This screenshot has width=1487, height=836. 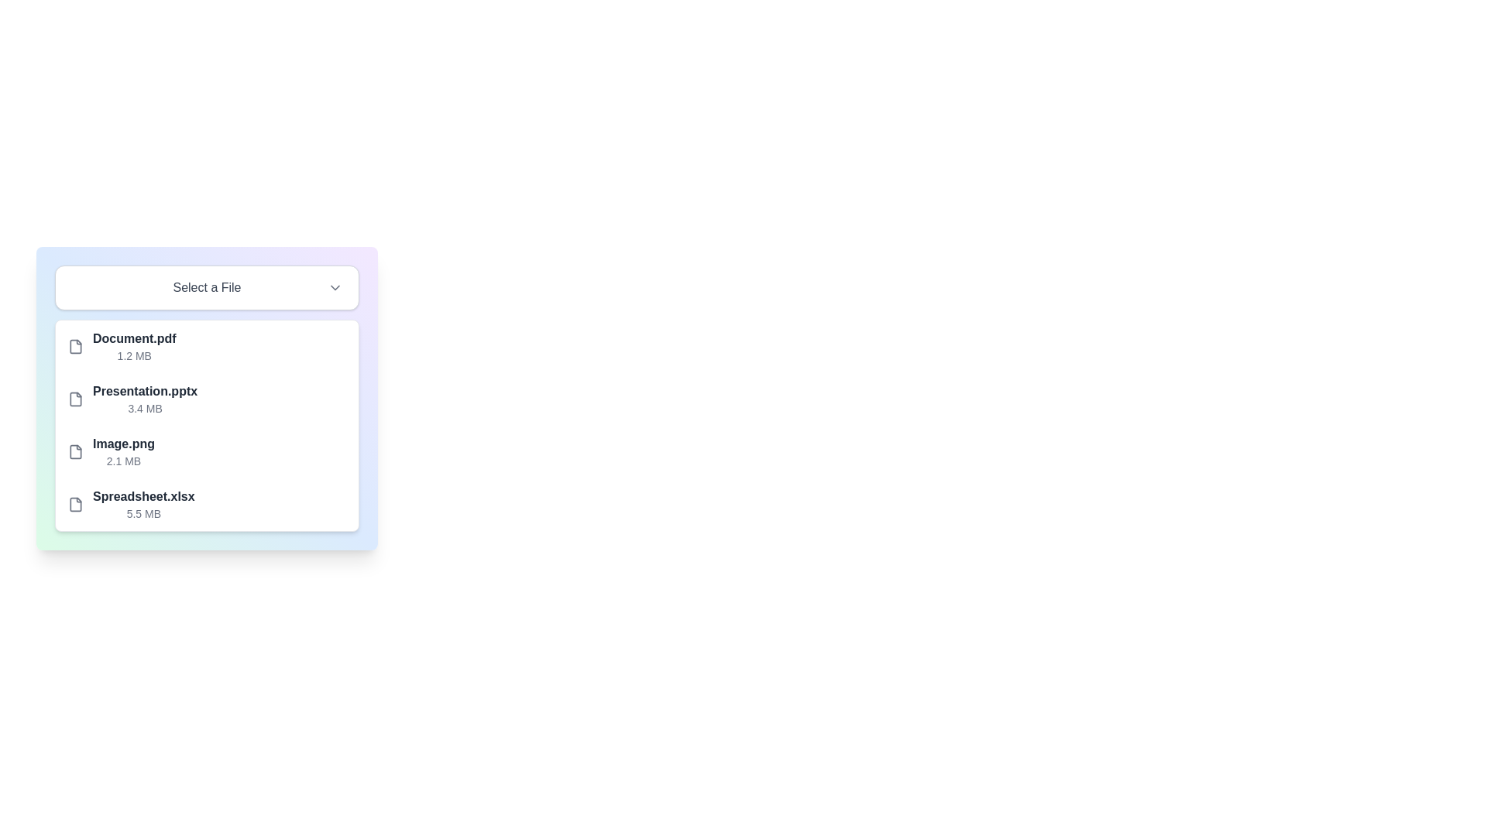 What do you see at coordinates (206, 504) in the screenshot?
I see `the fourth file entry item in the list` at bounding box center [206, 504].